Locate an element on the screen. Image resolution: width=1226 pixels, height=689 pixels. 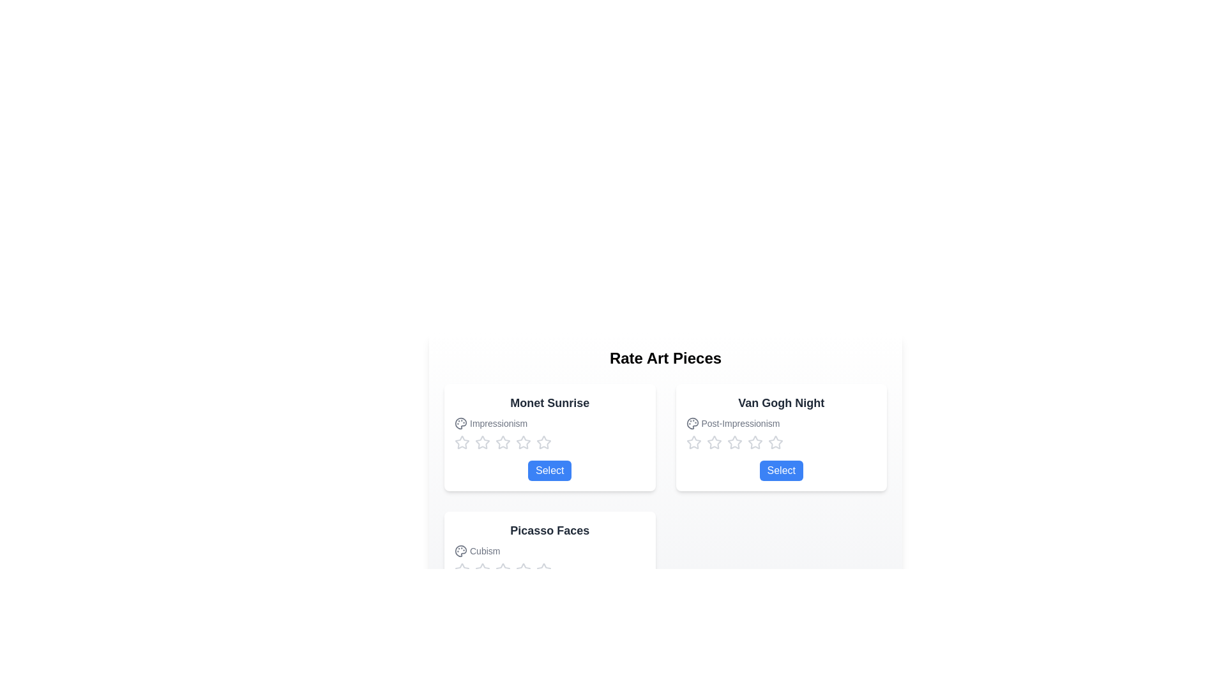
the second star icon used for rating in the 'Rate Art Pieces' section beneath the 'Van Gogh Night' card is located at coordinates (734, 441).